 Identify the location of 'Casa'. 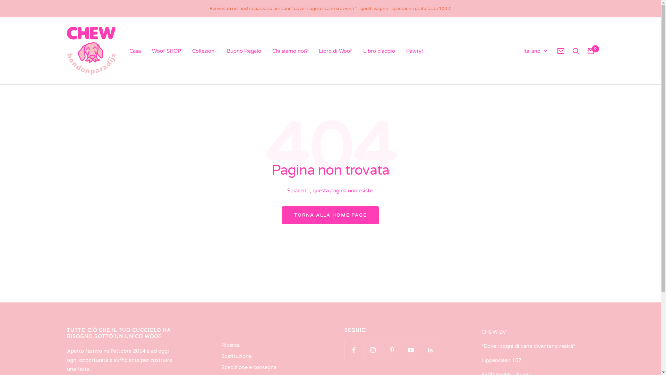
(129, 50).